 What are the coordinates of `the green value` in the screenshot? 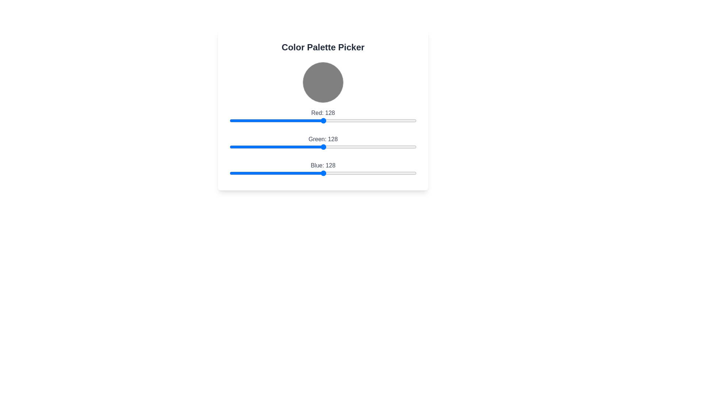 It's located at (316, 147).